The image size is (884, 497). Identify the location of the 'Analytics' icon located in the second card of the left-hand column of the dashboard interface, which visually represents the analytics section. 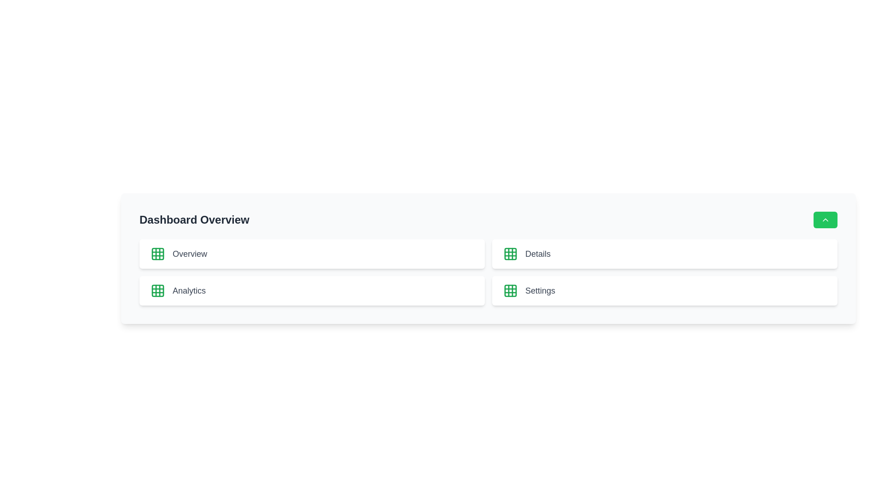
(157, 291).